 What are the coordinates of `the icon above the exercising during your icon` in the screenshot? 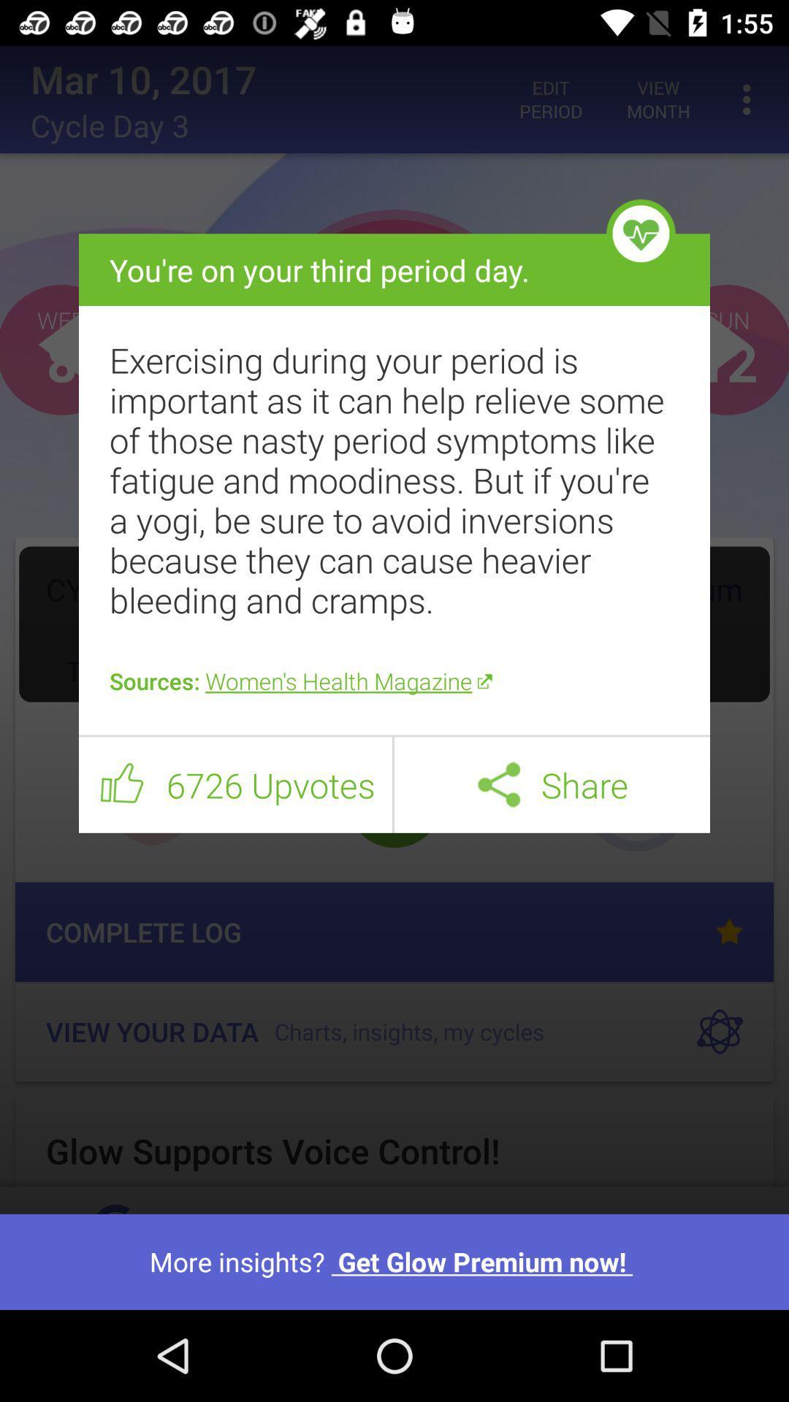 It's located at (640, 234).